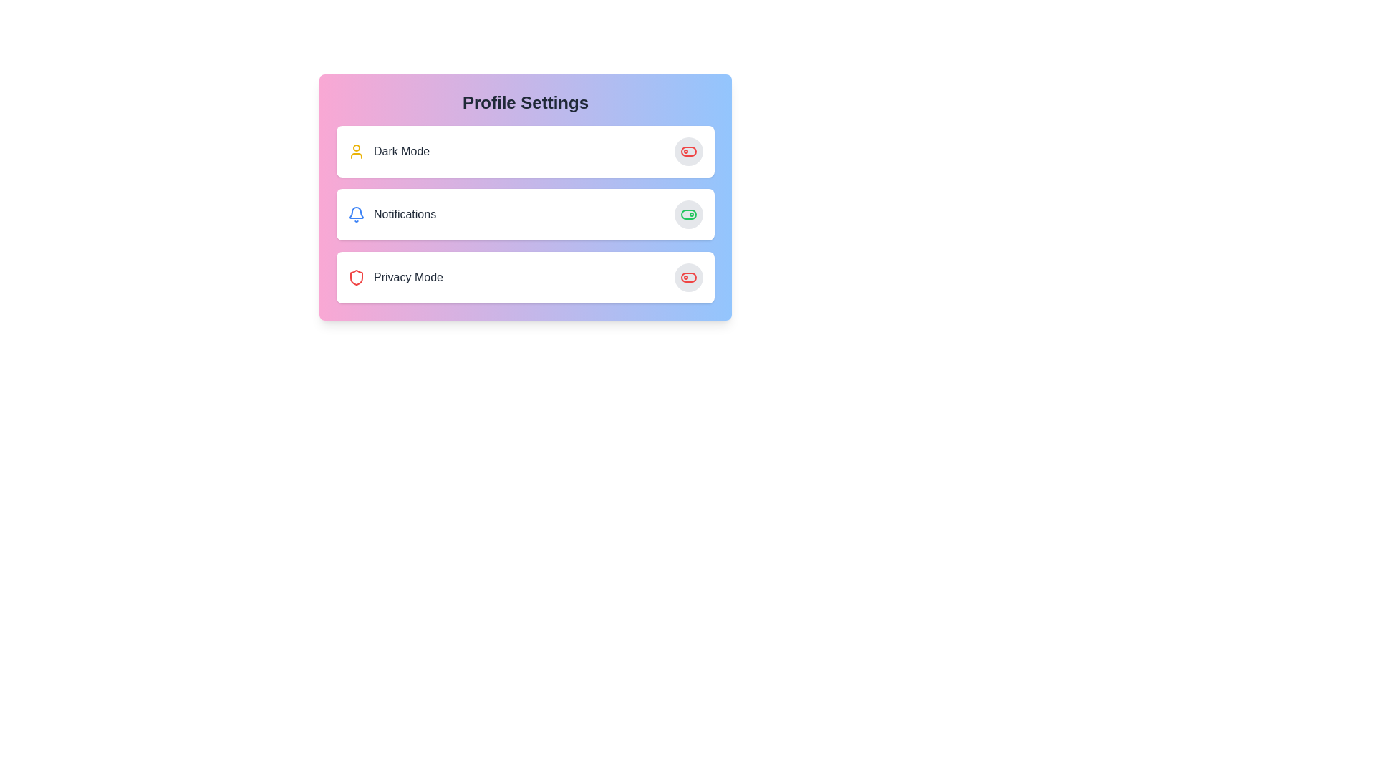 The width and height of the screenshot is (1375, 773). I want to click on the bell-shaped notification icon with a blue stroke and white center, located in the second row under 'Profile Settings' labeled 'Notifications', so click(357, 213).